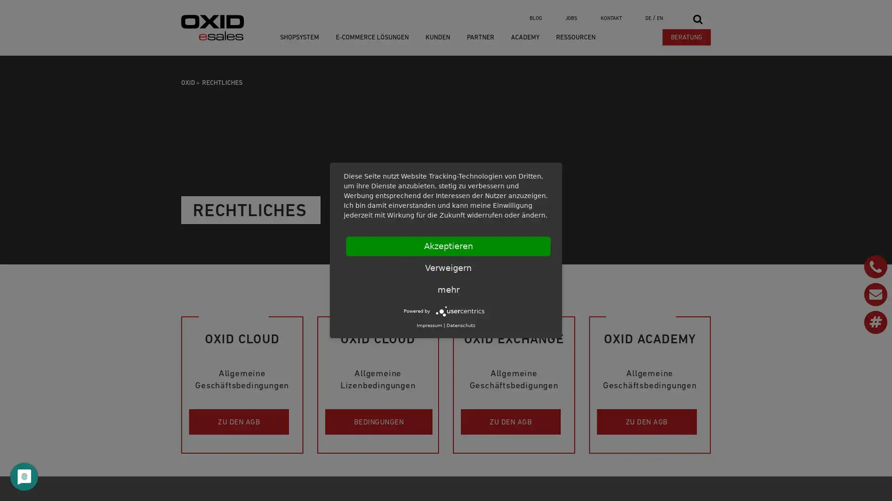 Image resolution: width=892 pixels, height=501 pixels. What do you see at coordinates (448, 246) in the screenshot?
I see `Akzeptieren` at bounding box center [448, 246].